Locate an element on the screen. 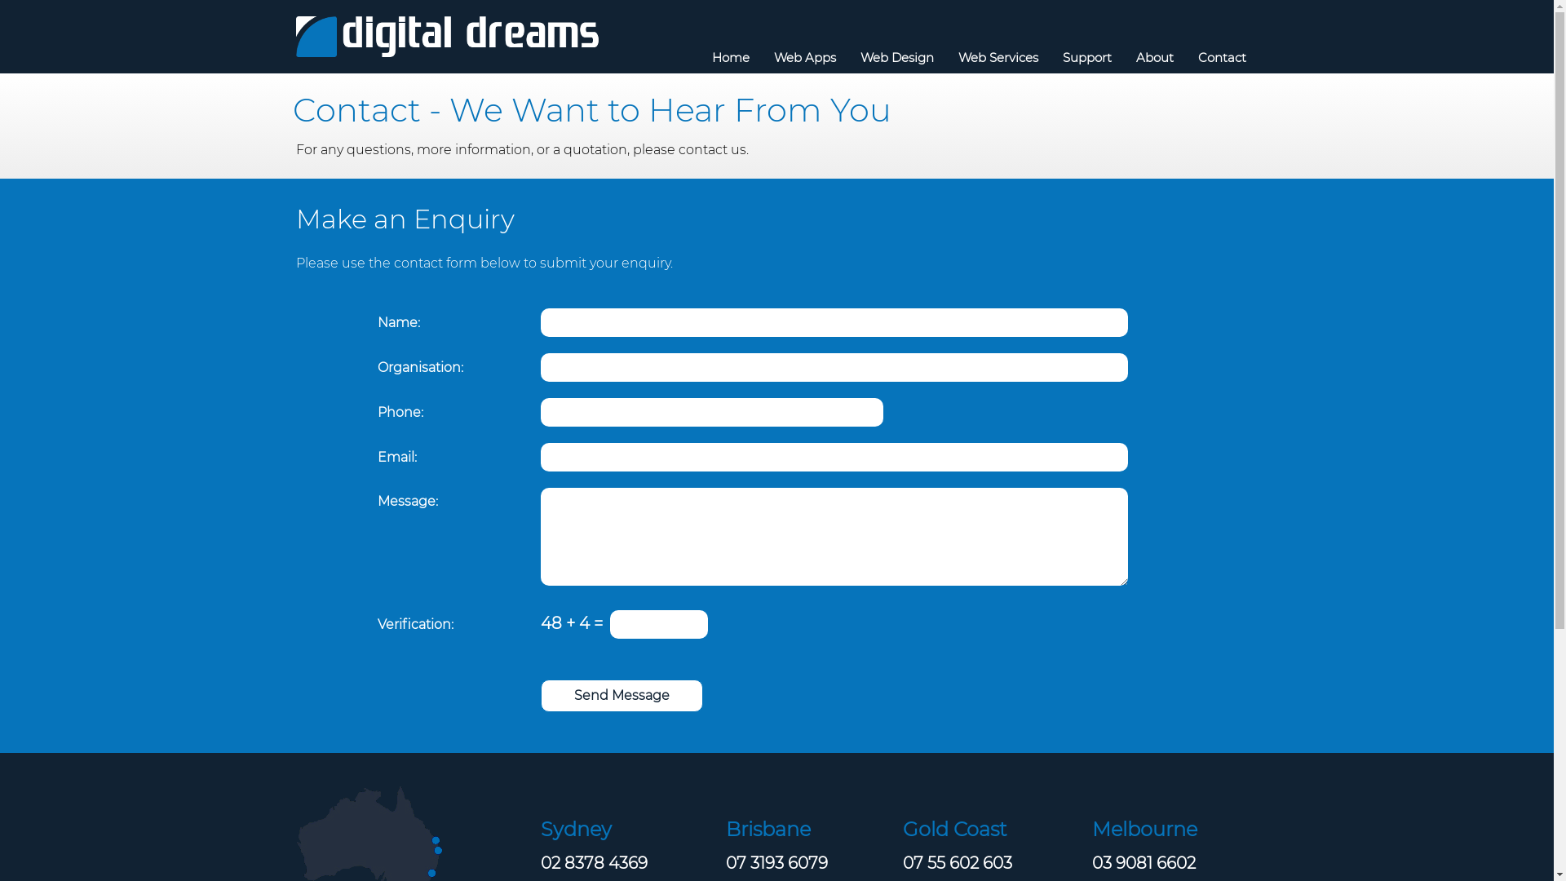  'Web Apps' is located at coordinates (805, 56).